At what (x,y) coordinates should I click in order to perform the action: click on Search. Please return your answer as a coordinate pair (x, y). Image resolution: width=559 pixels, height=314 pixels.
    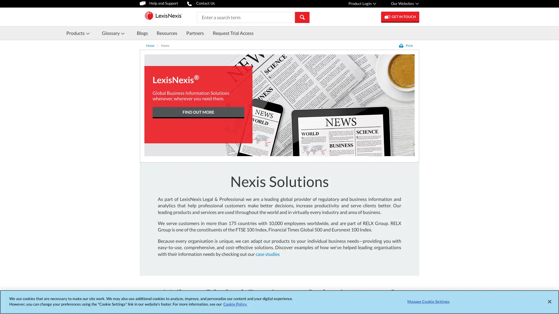
    Looking at the image, I should click on (302, 17).